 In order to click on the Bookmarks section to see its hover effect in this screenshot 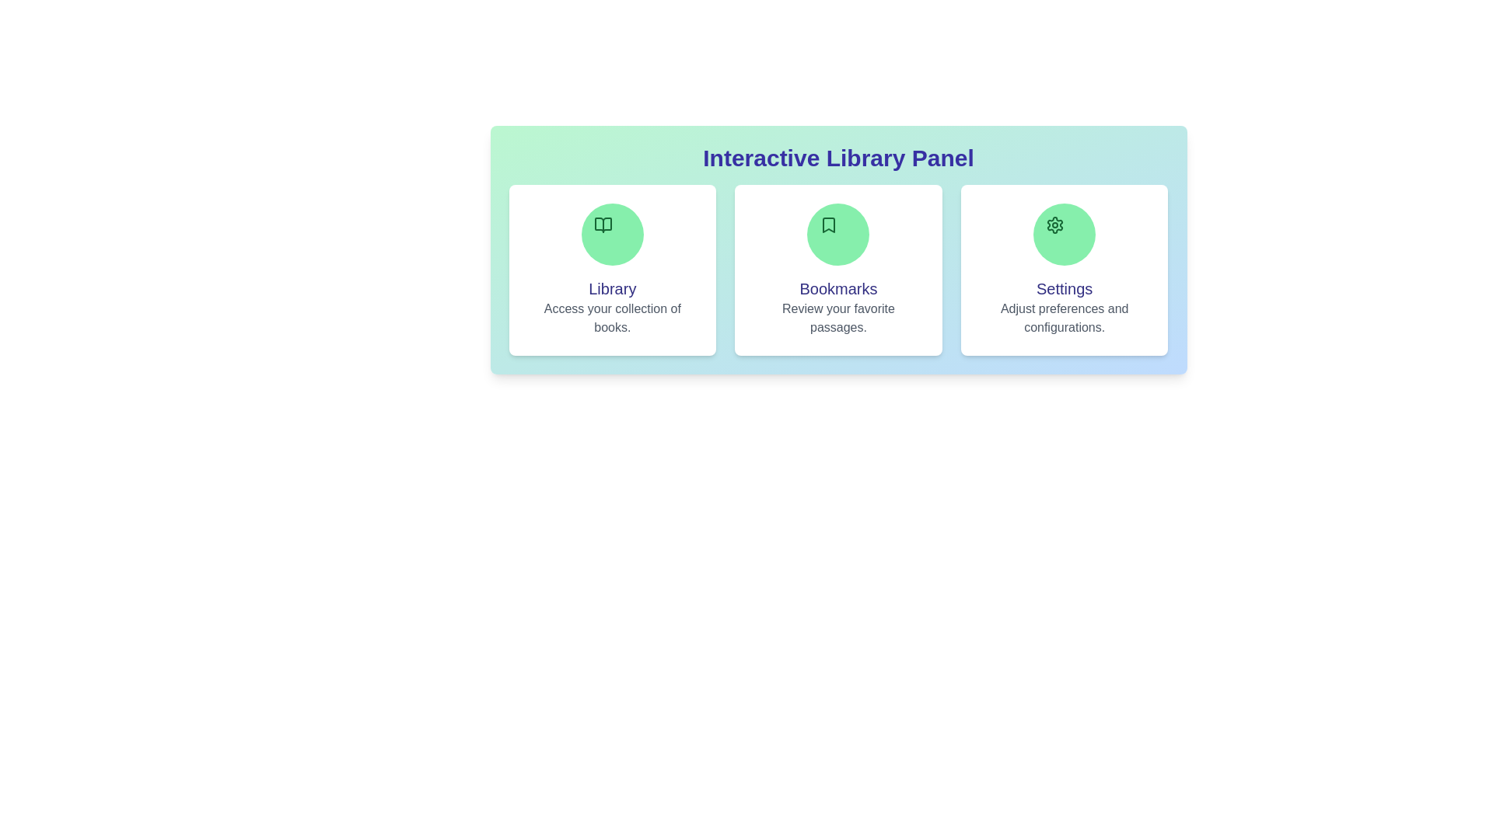, I will do `click(837, 269)`.